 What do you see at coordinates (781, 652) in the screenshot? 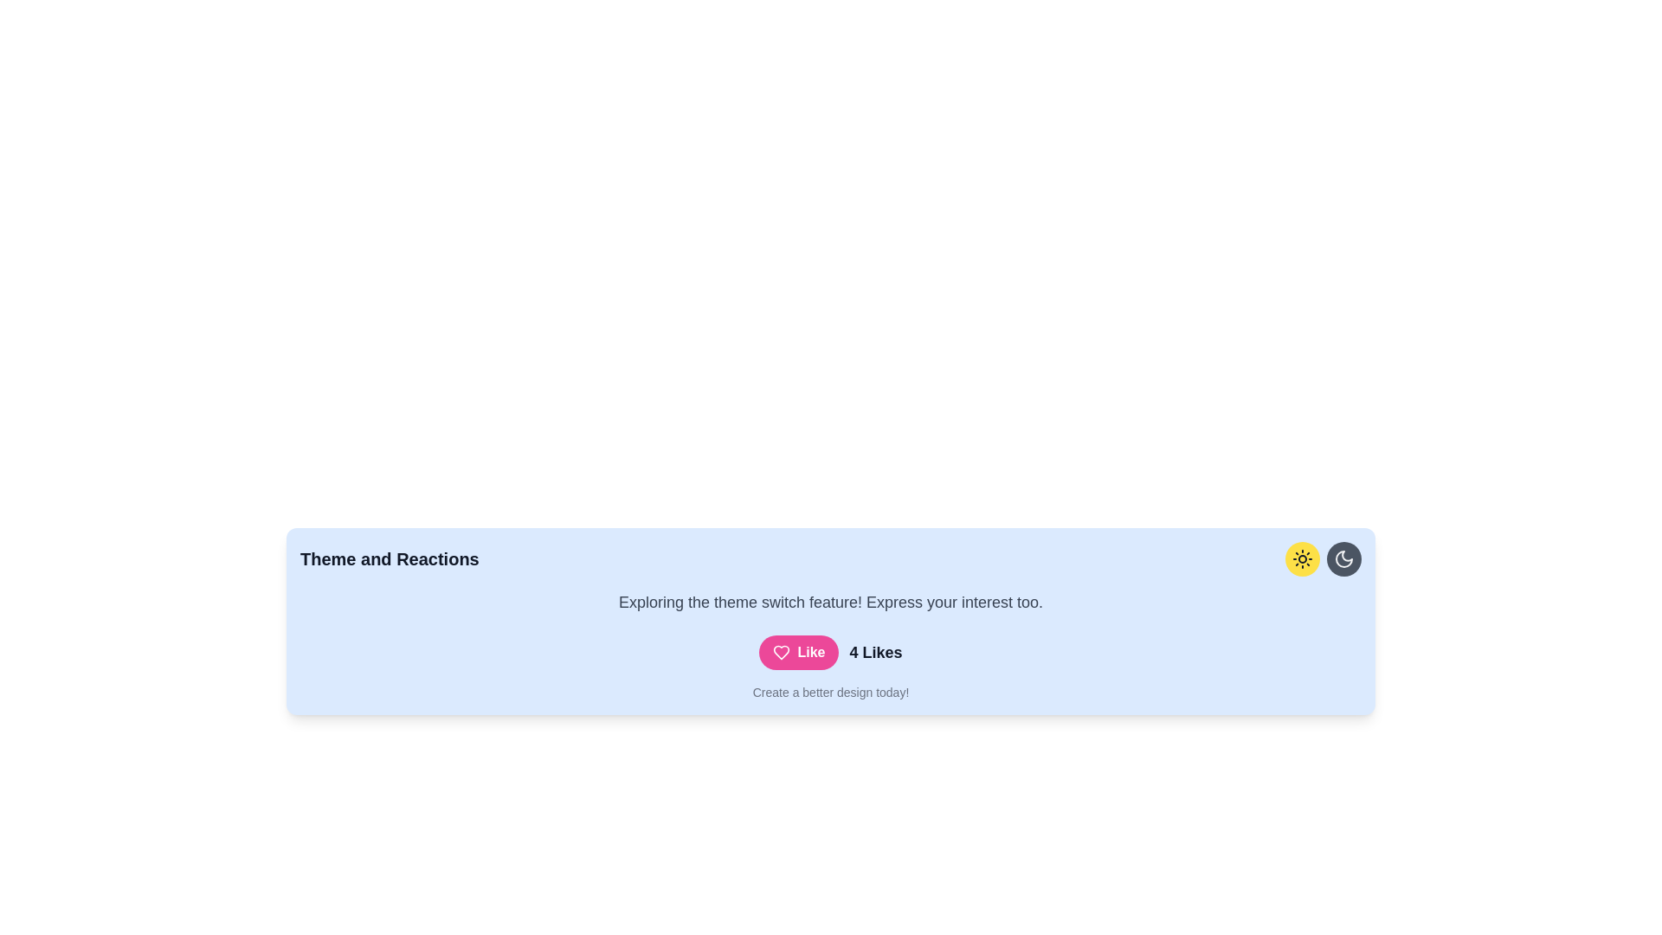
I see `positive reaction icon located within the left side of the pink 'Like' button below the main text area` at bounding box center [781, 652].